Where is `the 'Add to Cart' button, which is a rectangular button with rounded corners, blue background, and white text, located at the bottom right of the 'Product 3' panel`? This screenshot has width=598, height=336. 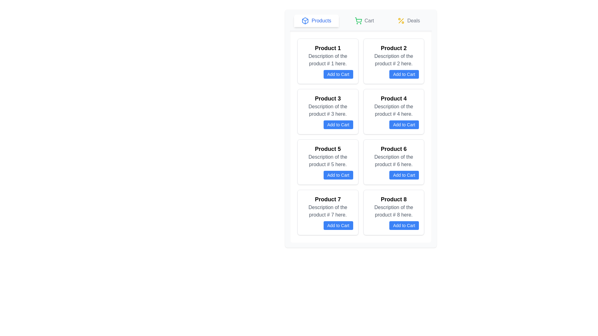
the 'Add to Cart' button, which is a rectangular button with rounded corners, blue background, and white text, located at the bottom right of the 'Product 3' panel is located at coordinates (327, 125).